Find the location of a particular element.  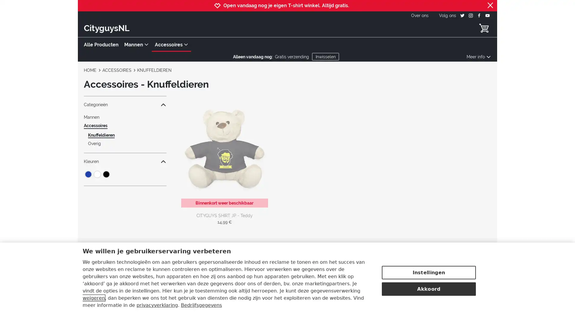

Akkoord is located at coordinates (428, 288).